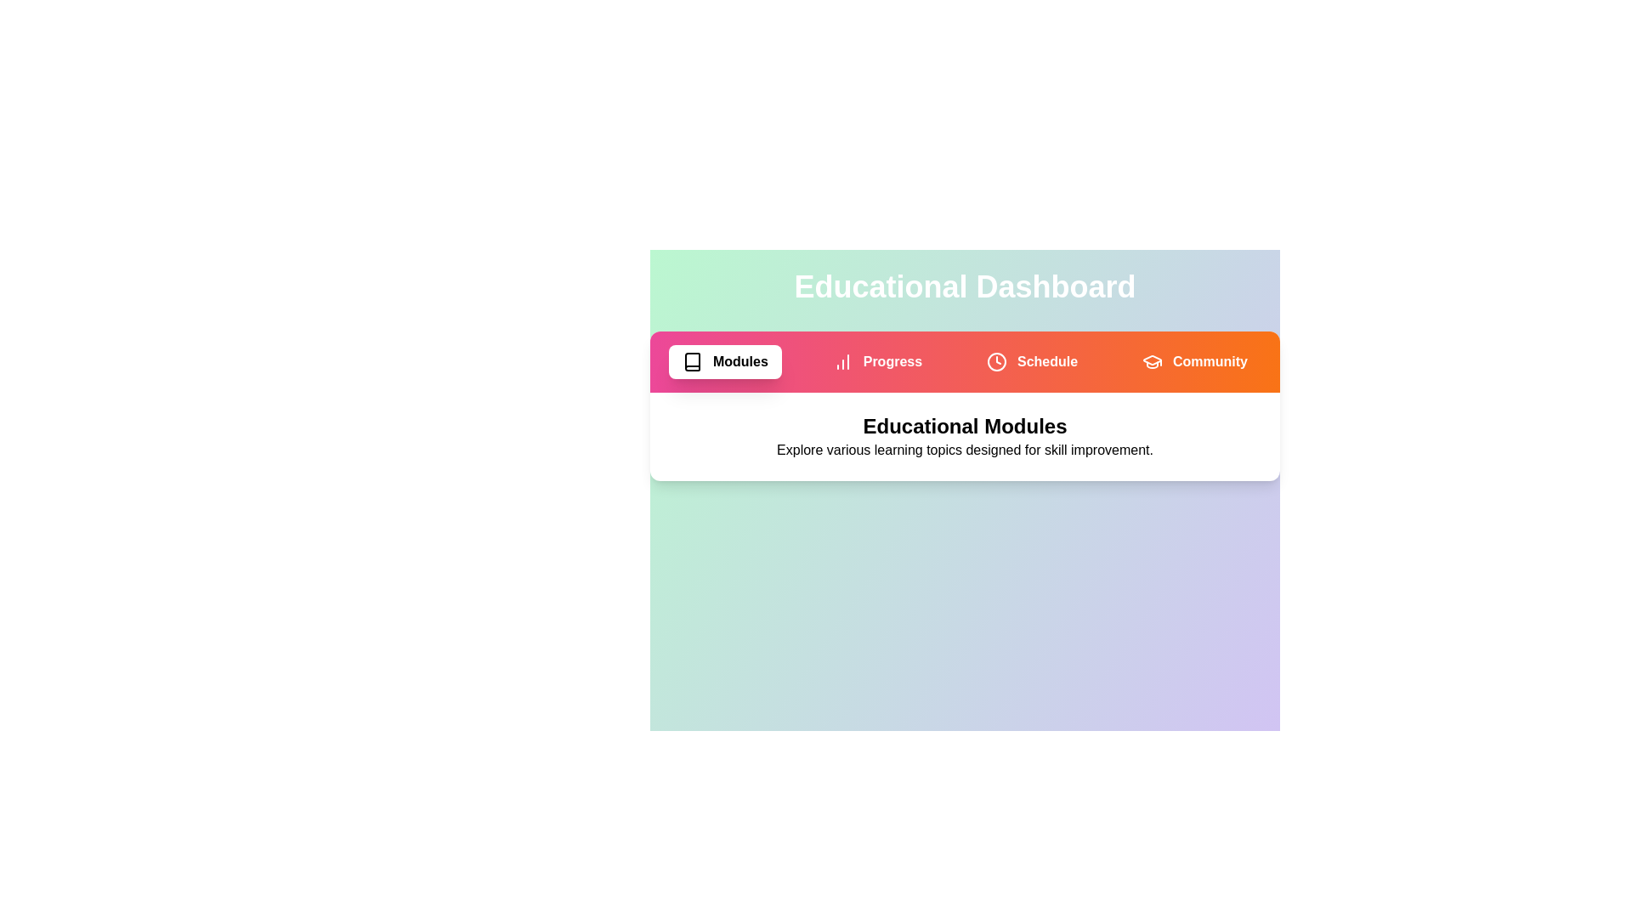  Describe the element at coordinates (877, 360) in the screenshot. I see `the 'Progress' button, which is a rectangular button with a light gradient background and bold white text` at that location.